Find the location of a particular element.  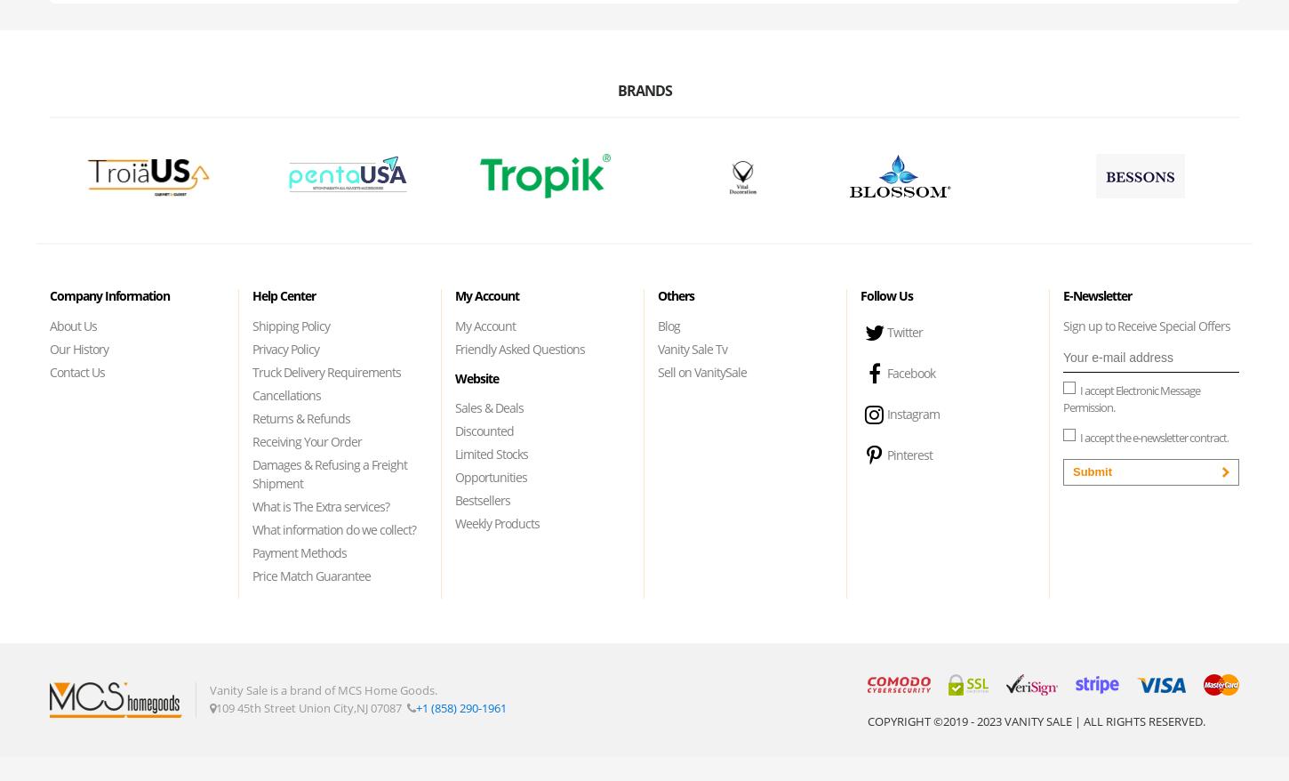

'Facebook' is located at coordinates (911, 373).